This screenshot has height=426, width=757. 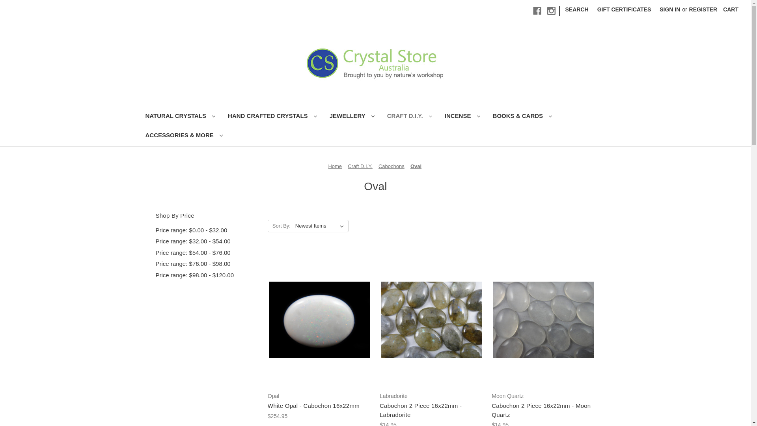 I want to click on 'ACCESSORIES & MORE', so click(x=183, y=136).